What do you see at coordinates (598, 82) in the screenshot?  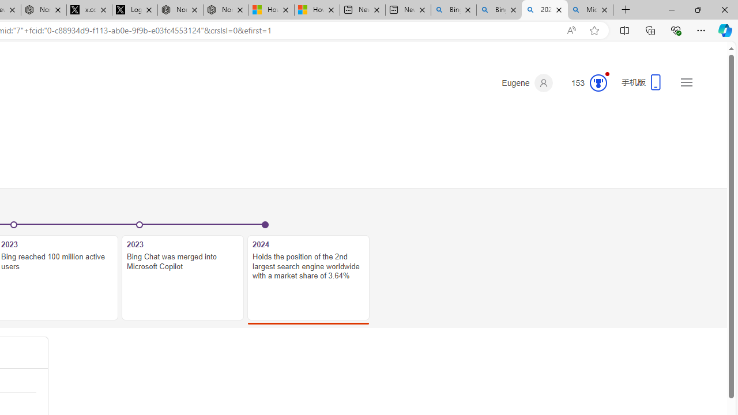 I see `'Class: medal-circled'` at bounding box center [598, 82].